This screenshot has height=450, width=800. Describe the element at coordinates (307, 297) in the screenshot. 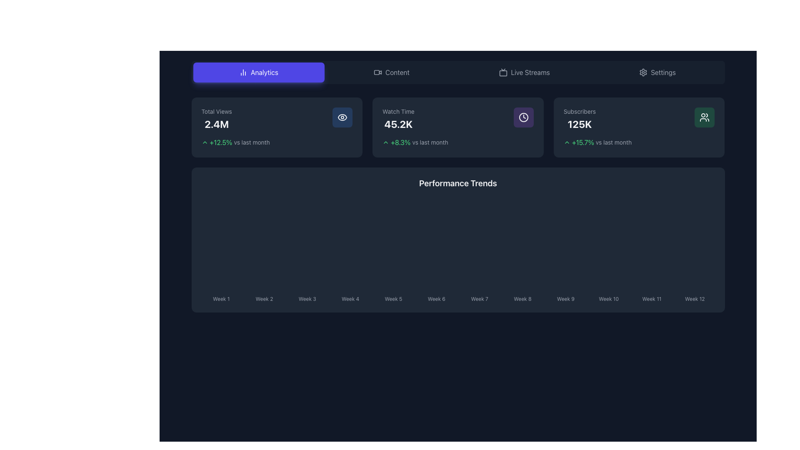

I see `the 'Week 3' text label, which is a rectangular area displaying the label centrally within a row of weeks` at that location.